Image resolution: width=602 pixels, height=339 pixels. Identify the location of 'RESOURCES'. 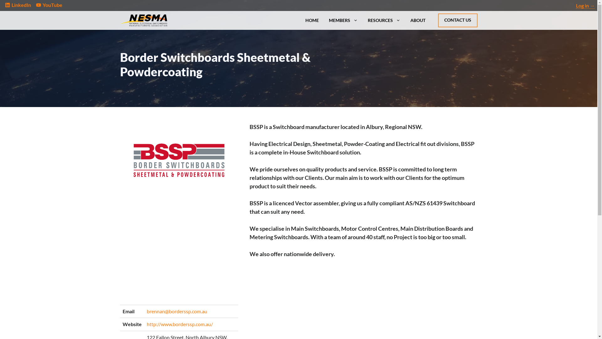
(383, 20).